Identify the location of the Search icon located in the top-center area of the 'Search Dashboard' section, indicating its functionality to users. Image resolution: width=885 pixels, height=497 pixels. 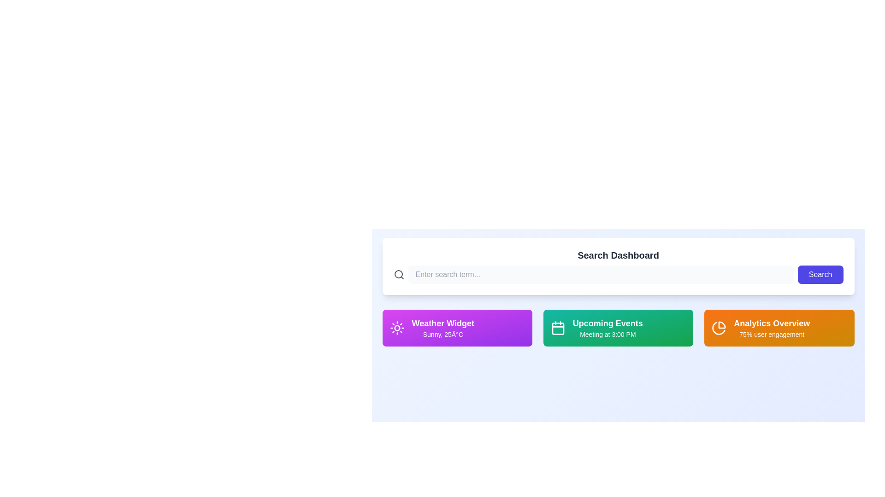
(398, 274).